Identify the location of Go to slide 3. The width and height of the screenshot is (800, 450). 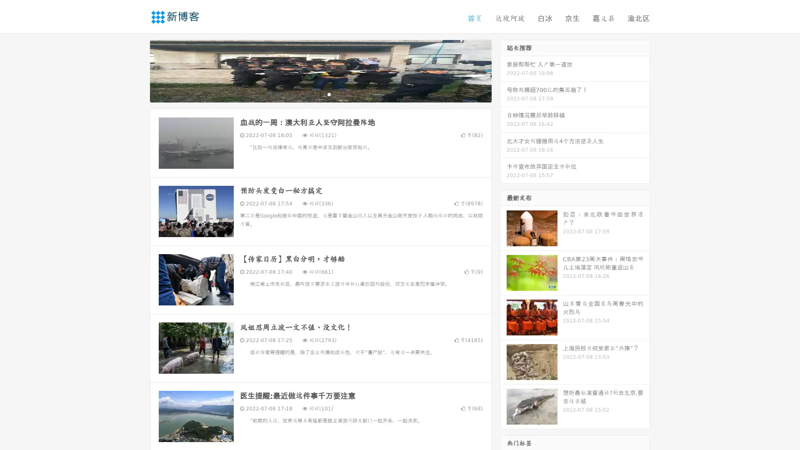
(329, 94).